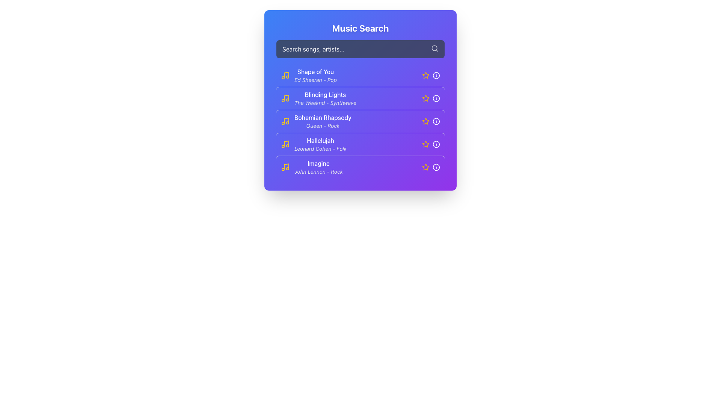 This screenshot has height=406, width=721. I want to click on the third star icon used for marking or bookmarking the song 'Bohemian Rhapsody', so click(425, 121).